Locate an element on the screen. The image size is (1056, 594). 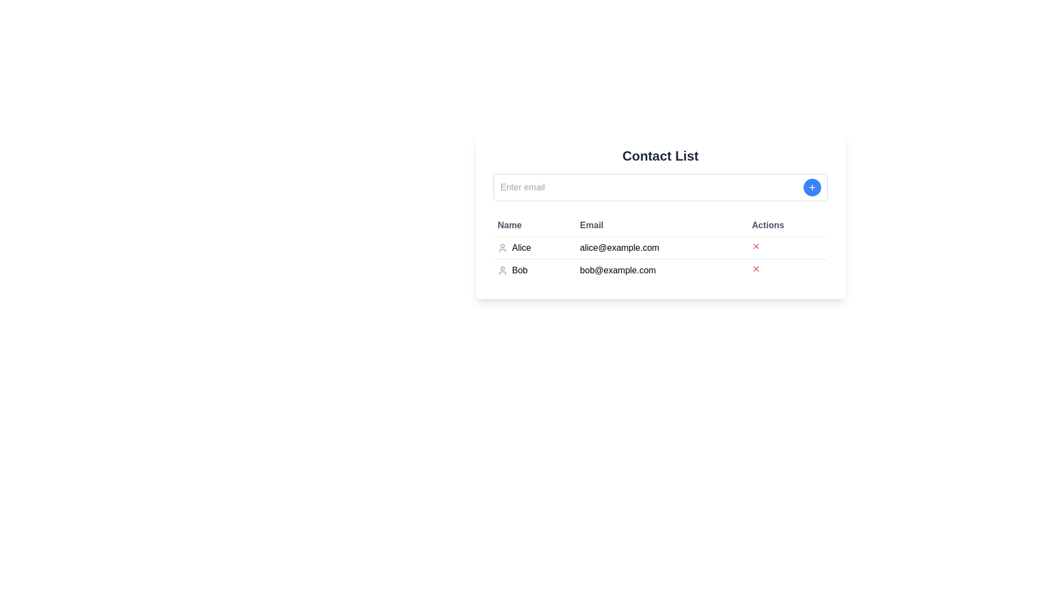
the user profile icon representing 'Bob', which is located to the left of the name 'Bob' in the second row under the 'Name' column is located at coordinates (502, 271).